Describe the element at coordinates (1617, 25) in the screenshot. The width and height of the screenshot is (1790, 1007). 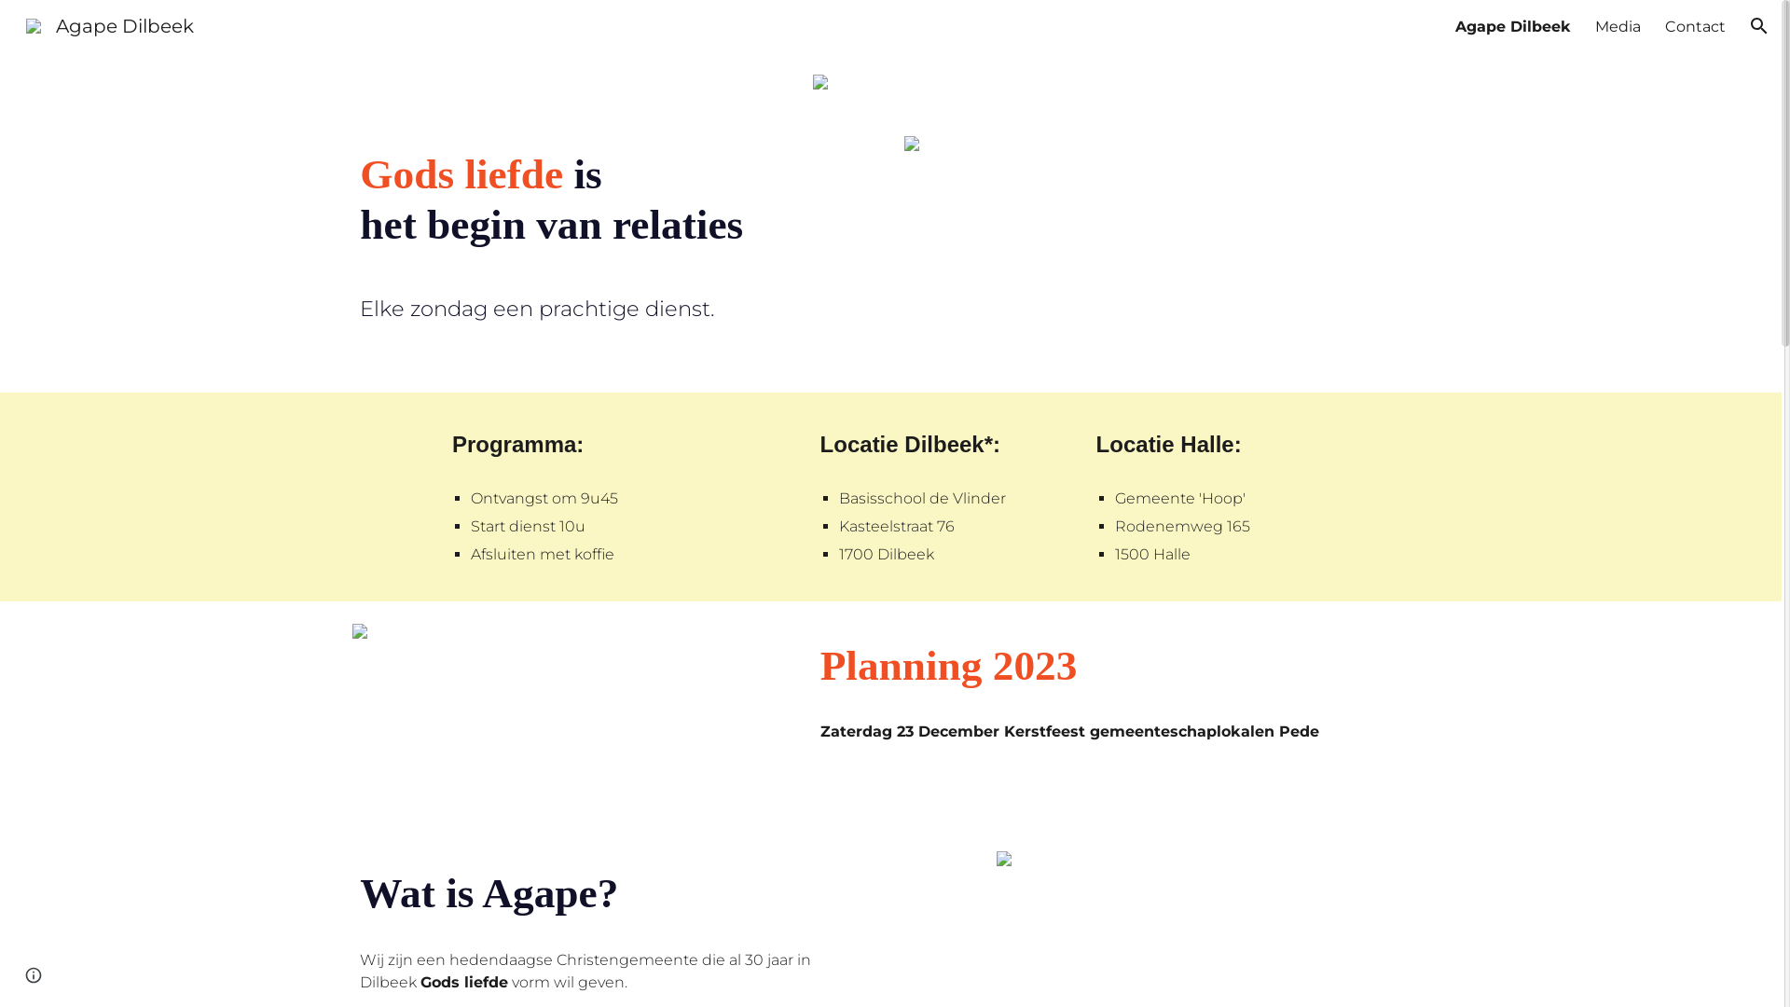
I see `'Media'` at that location.